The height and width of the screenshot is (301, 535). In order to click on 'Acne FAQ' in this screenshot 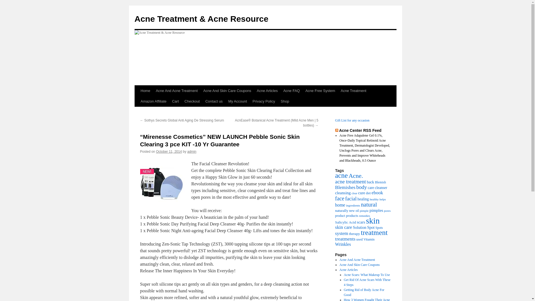, I will do `click(281, 91)`.